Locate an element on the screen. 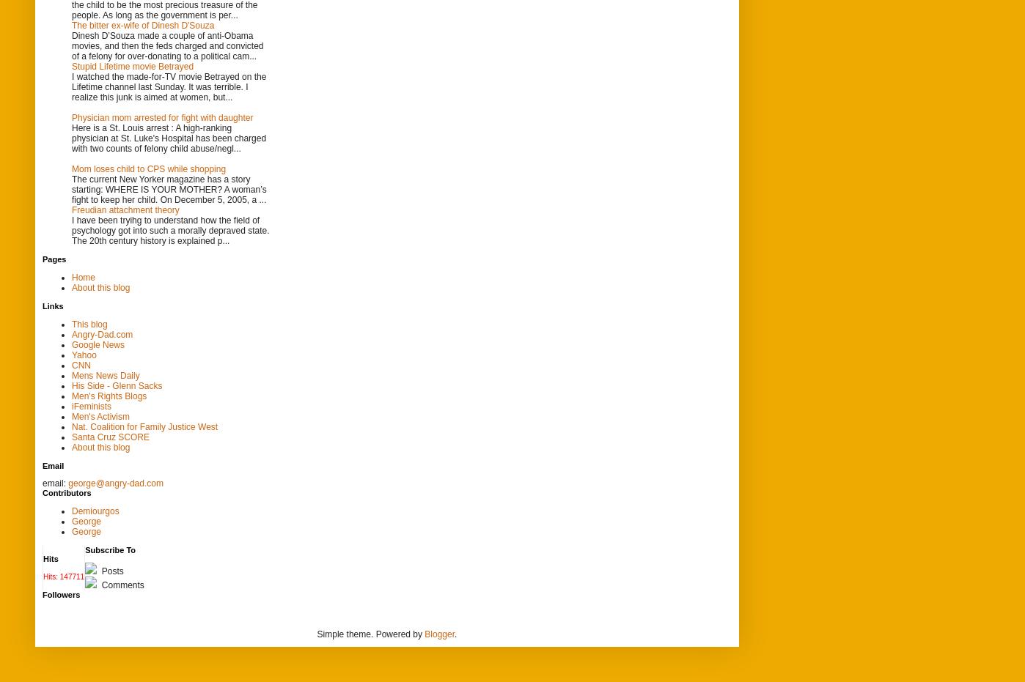 The width and height of the screenshot is (1025, 682). 'Followers' is located at coordinates (61, 593).